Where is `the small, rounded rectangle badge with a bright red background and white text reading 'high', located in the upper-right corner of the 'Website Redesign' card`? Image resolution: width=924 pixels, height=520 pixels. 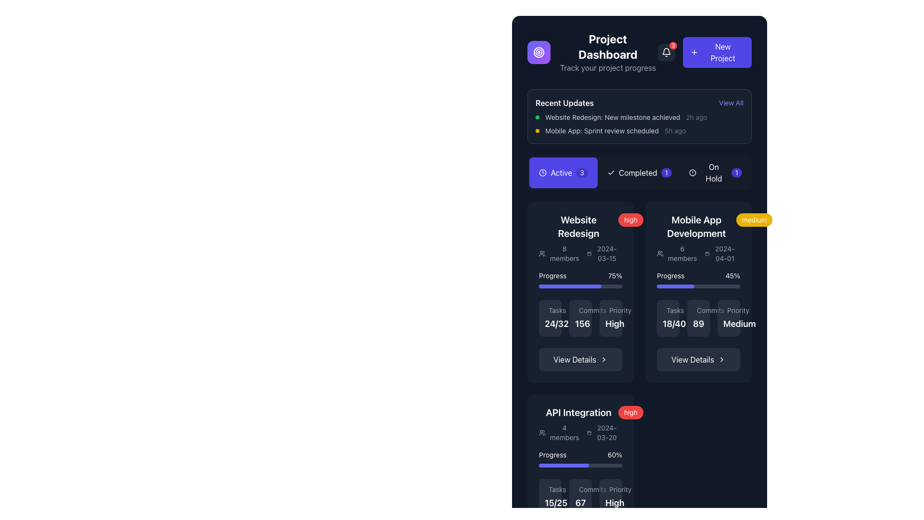 the small, rounded rectangle badge with a bright red background and white text reading 'high', located in the upper-right corner of the 'Website Redesign' card is located at coordinates (630, 220).